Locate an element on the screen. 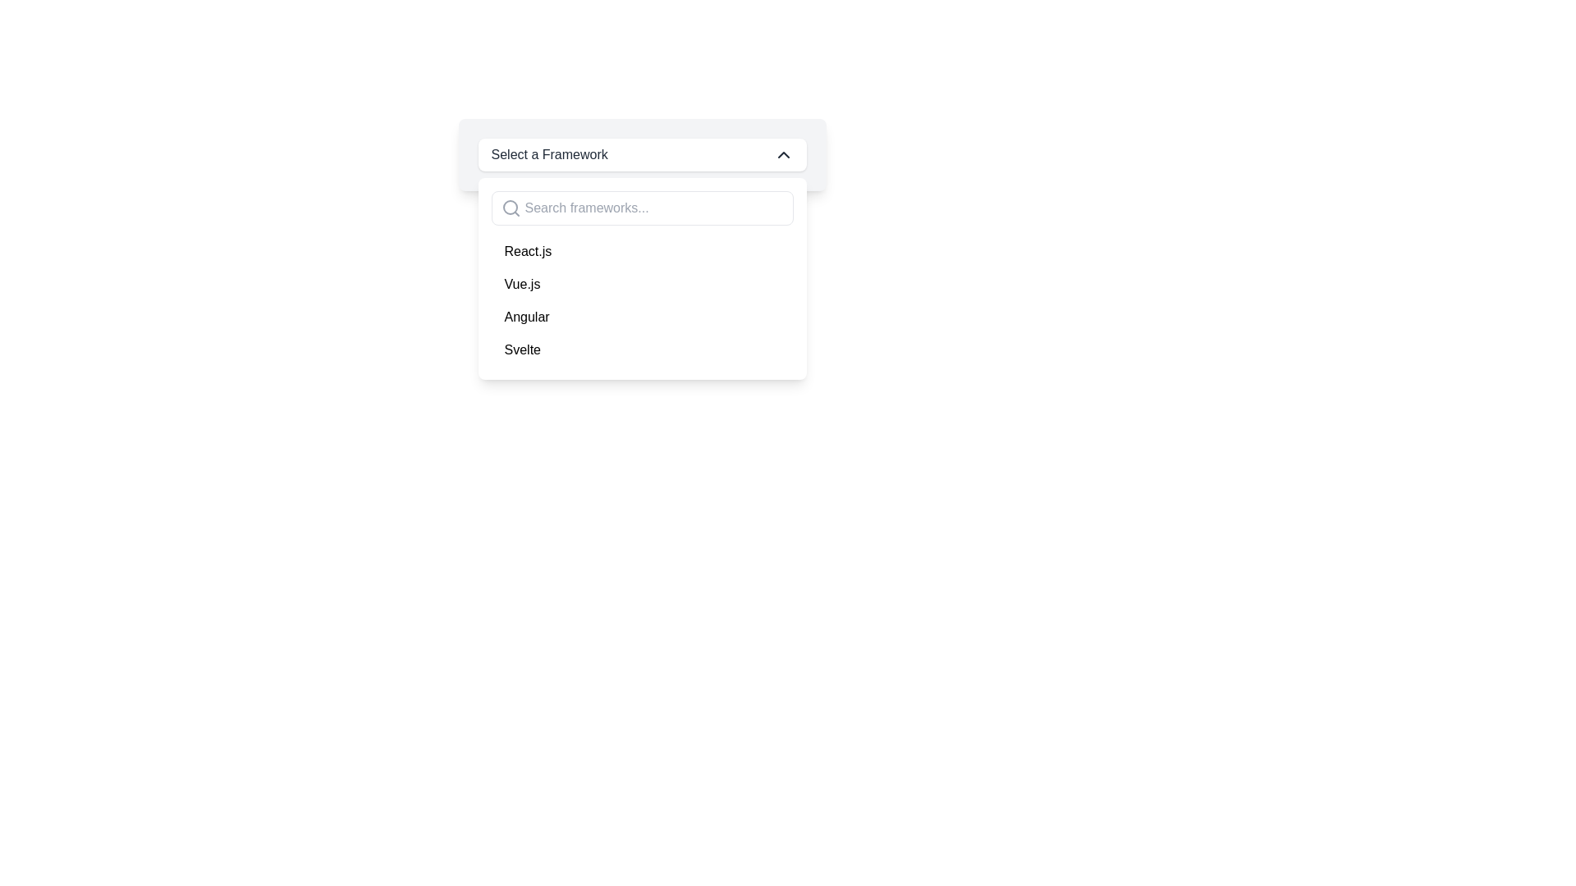  the 'Angular' option in the dropdown menu is located at coordinates (527, 317).